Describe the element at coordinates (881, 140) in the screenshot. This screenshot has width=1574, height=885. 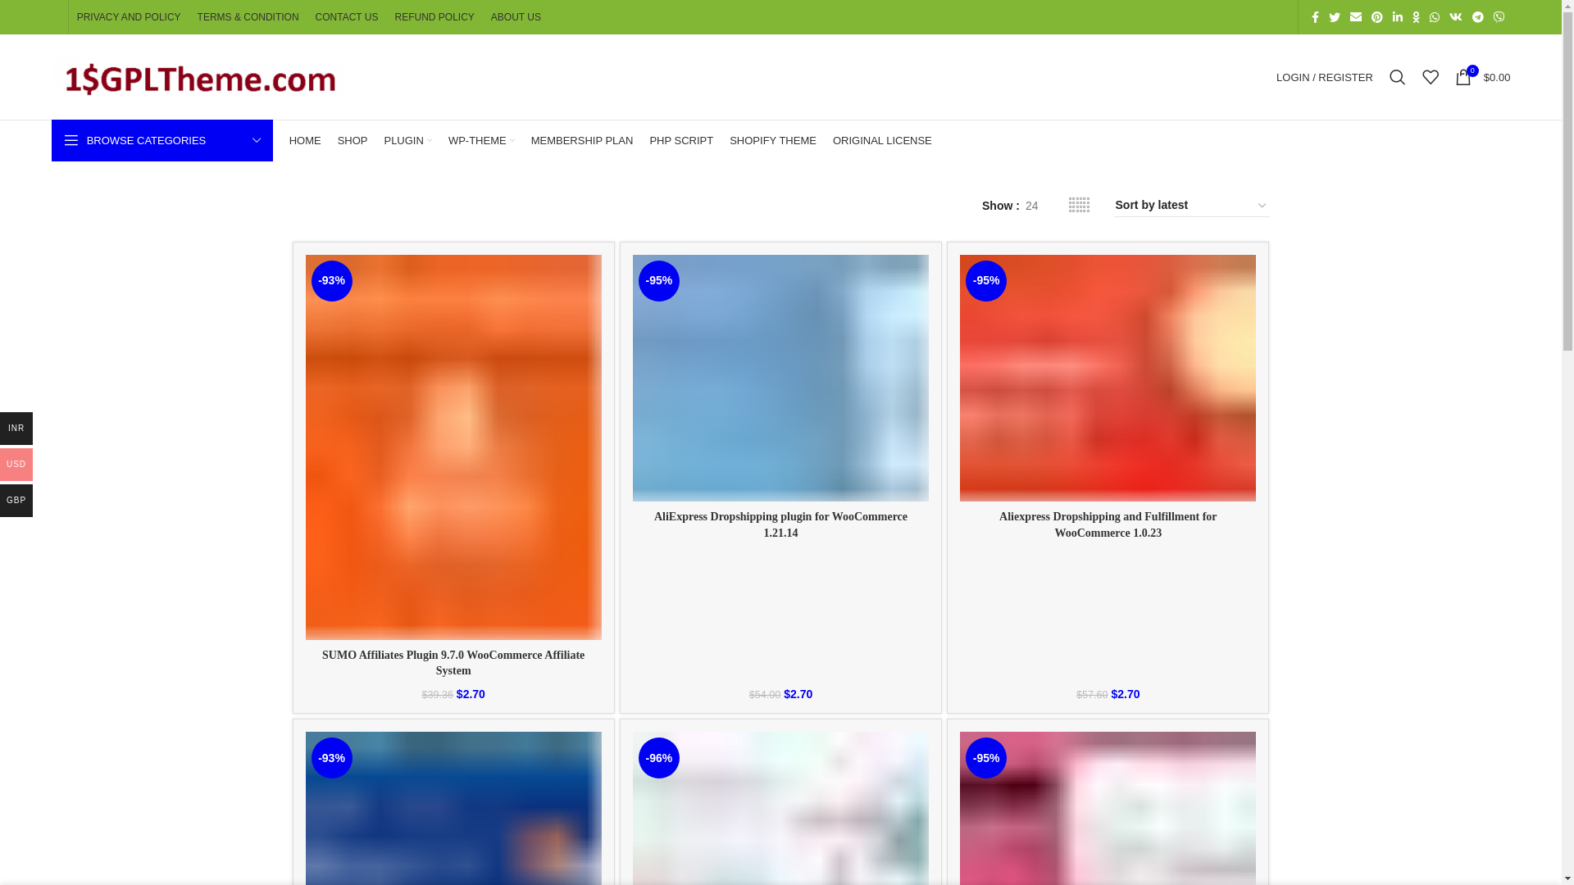
I see `'ORIGINAL LICENSE'` at that location.